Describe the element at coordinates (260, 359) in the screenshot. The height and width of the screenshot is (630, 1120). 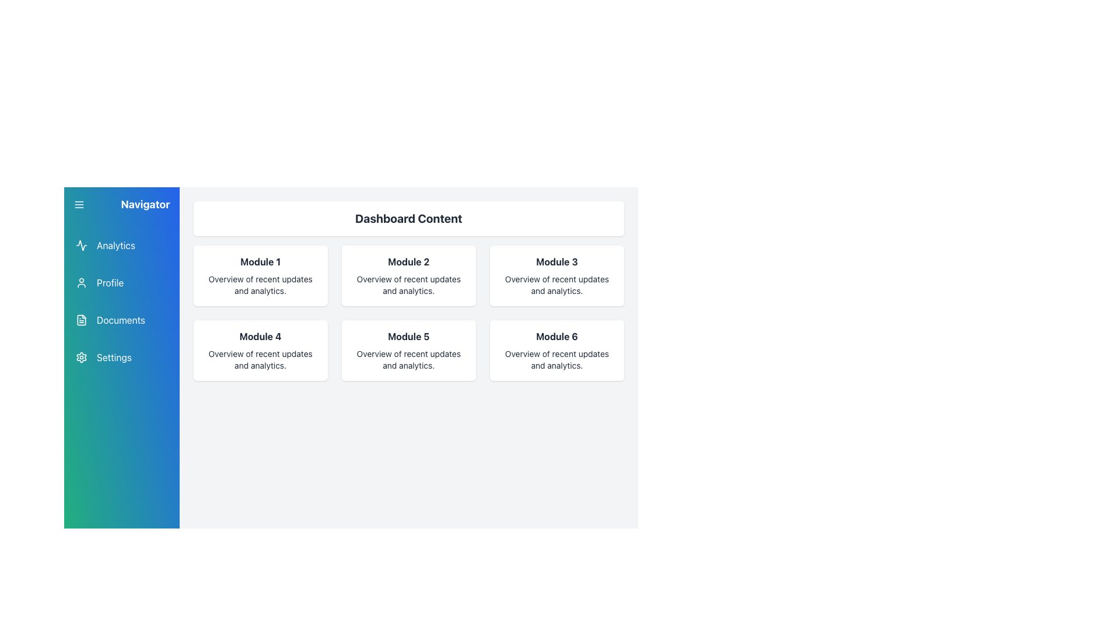
I see `the text display element that shows 'Overview of recent updates and analytics.' located in 'Module 4' under 'Dashboard Content'` at that location.